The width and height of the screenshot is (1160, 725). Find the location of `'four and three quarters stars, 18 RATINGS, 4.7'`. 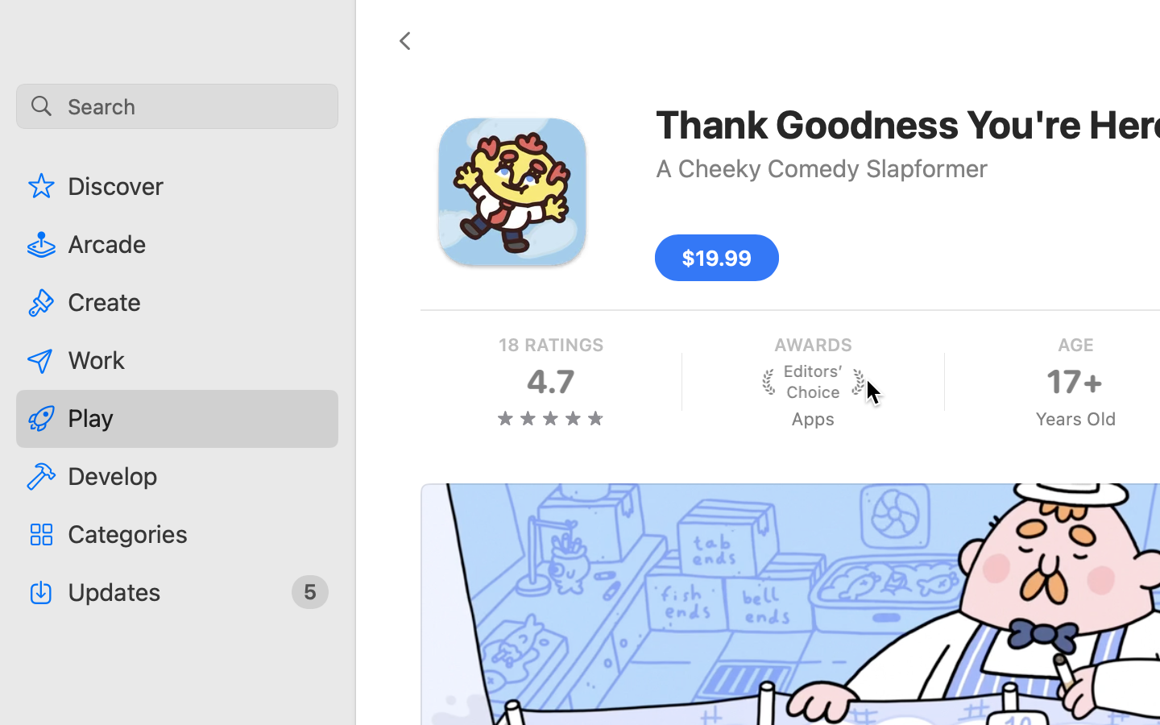

'four and three quarters stars, 18 RATINGS, 4.7' is located at coordinates (551, 381).